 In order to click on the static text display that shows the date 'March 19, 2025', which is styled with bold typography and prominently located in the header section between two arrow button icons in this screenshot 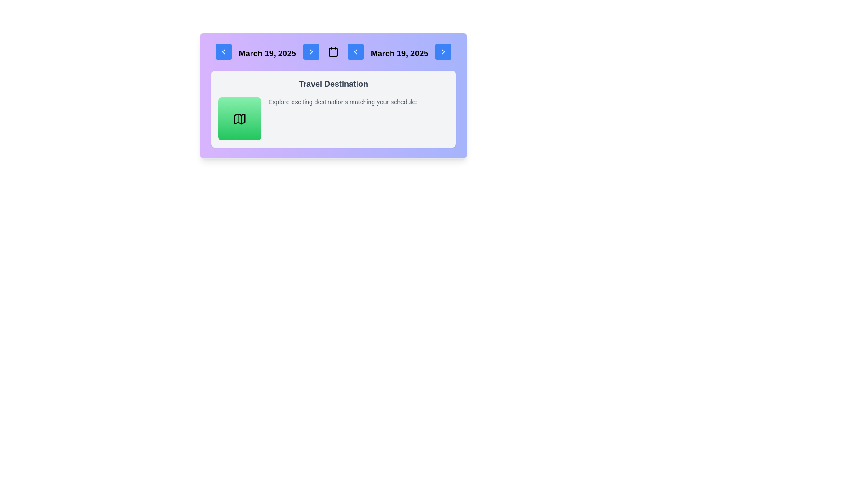, I will do `click(399, 53)`.